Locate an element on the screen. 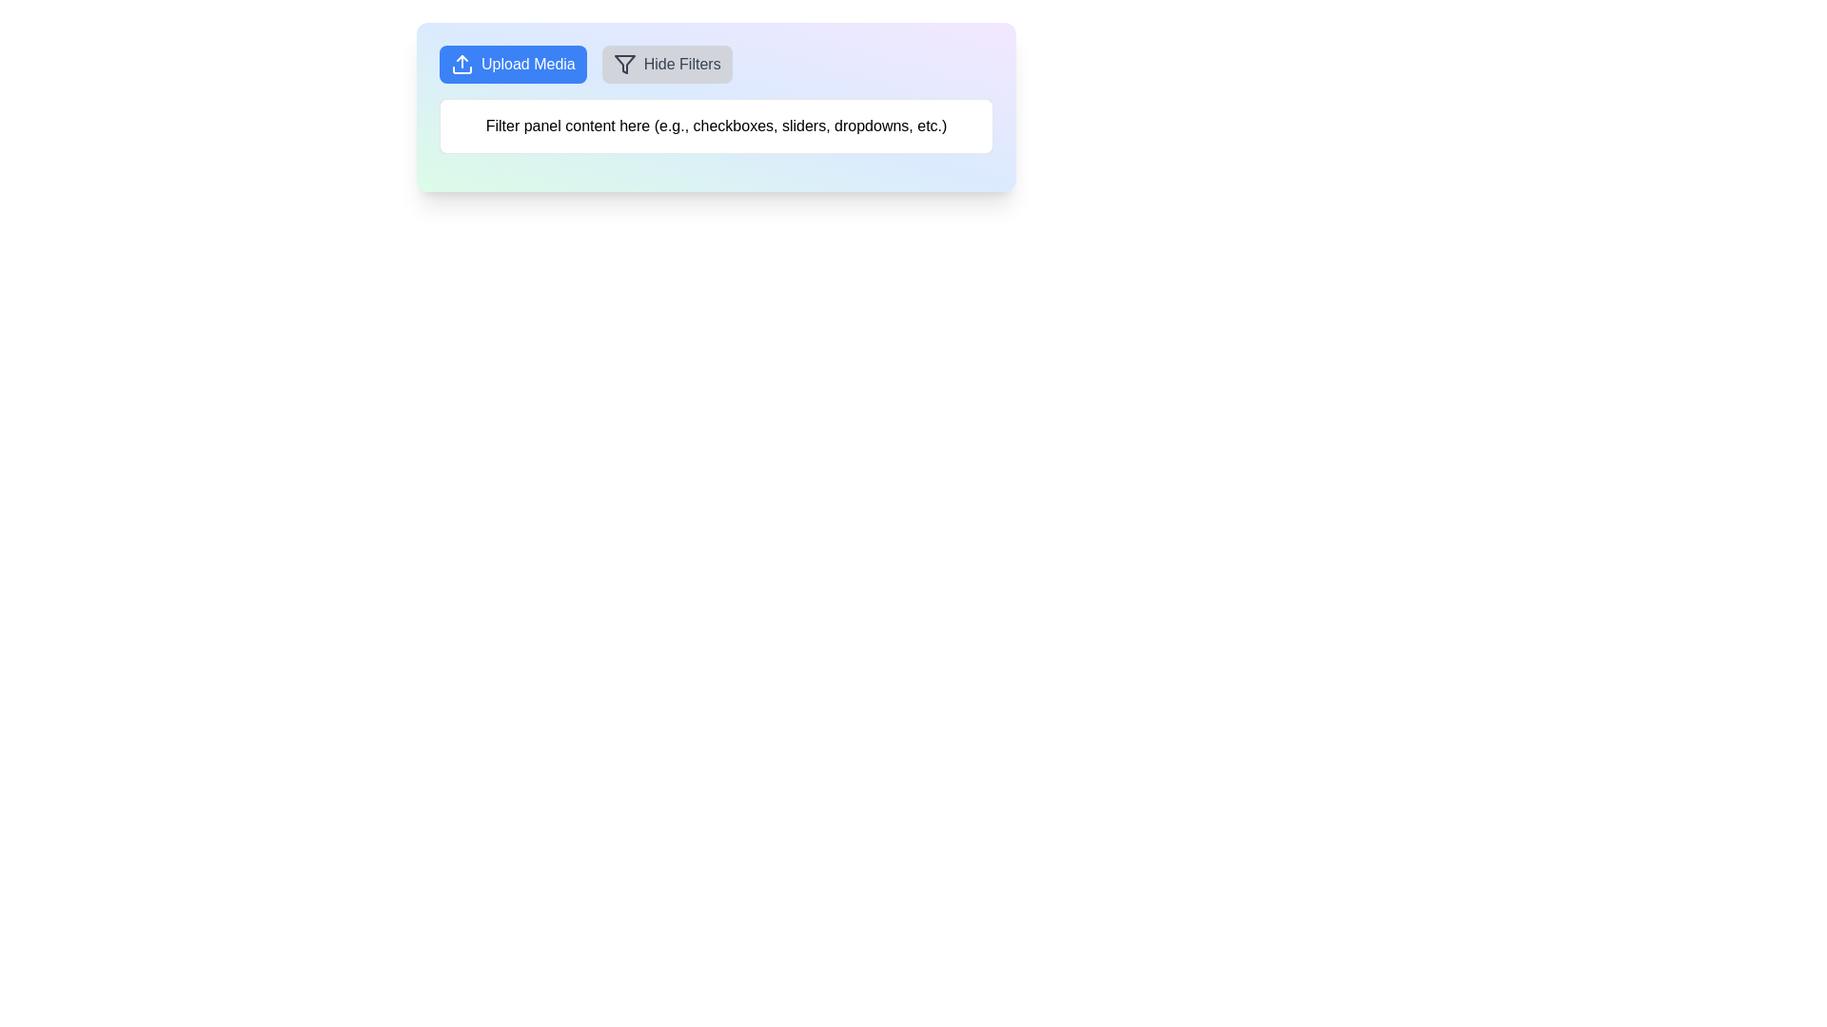 The image size is (1827, 1027). the 'Upload Media' button, which includes the upload icon located to the left of the text label is located at coordinates (462, 64).